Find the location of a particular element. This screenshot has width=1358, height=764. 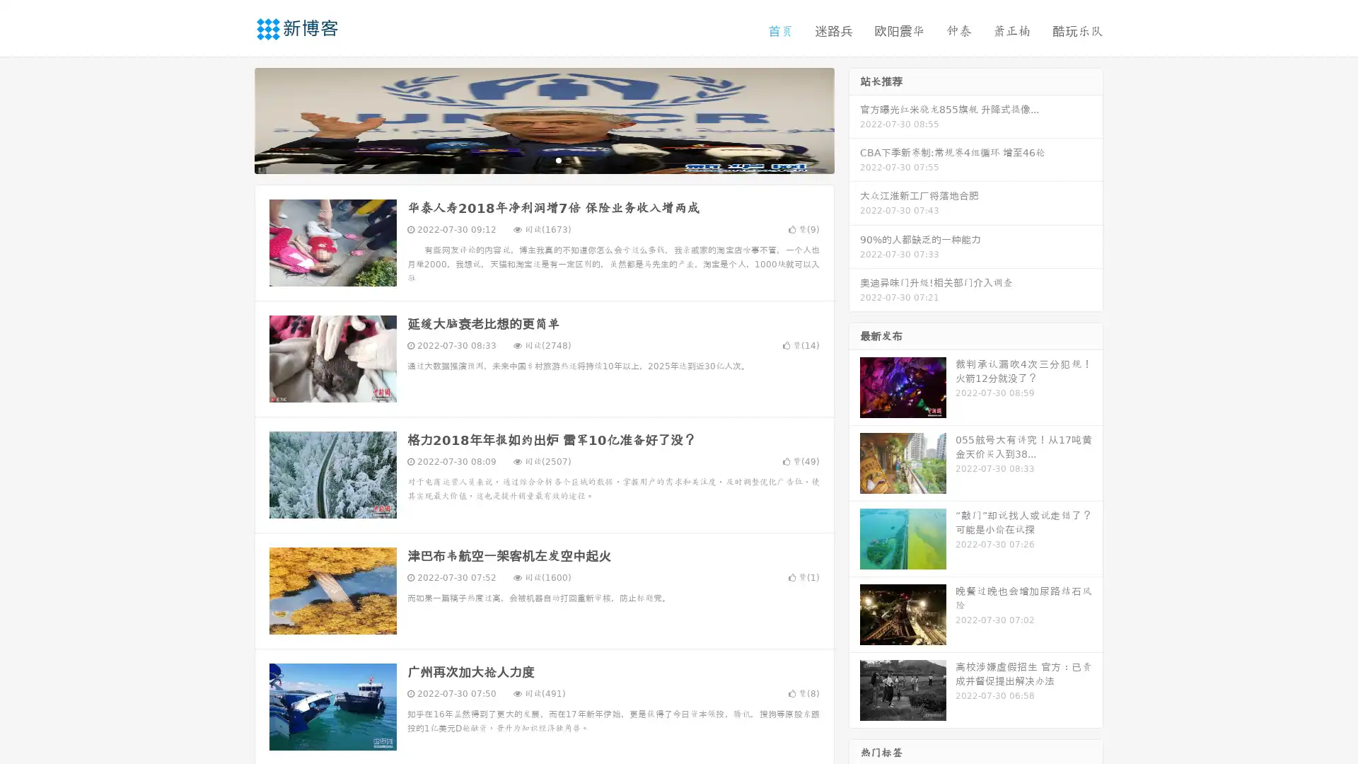

Next slide is located at coordinates (854, 119).